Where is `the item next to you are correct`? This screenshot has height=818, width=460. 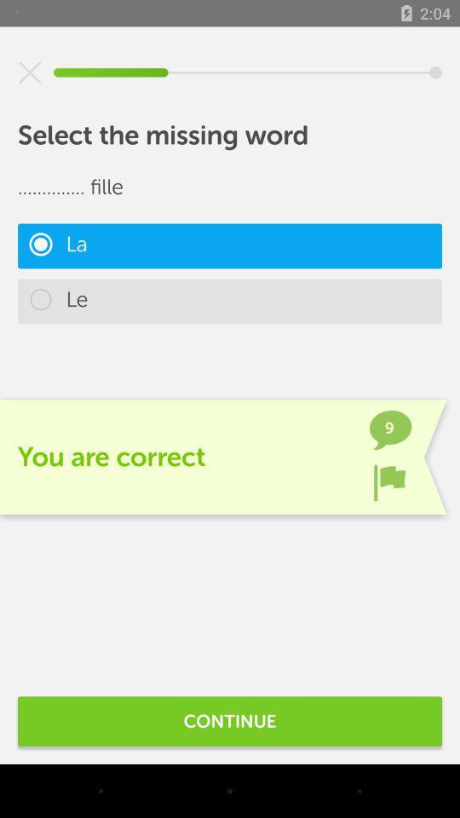
the item next to you are correct is located at coordinates (389, 482).